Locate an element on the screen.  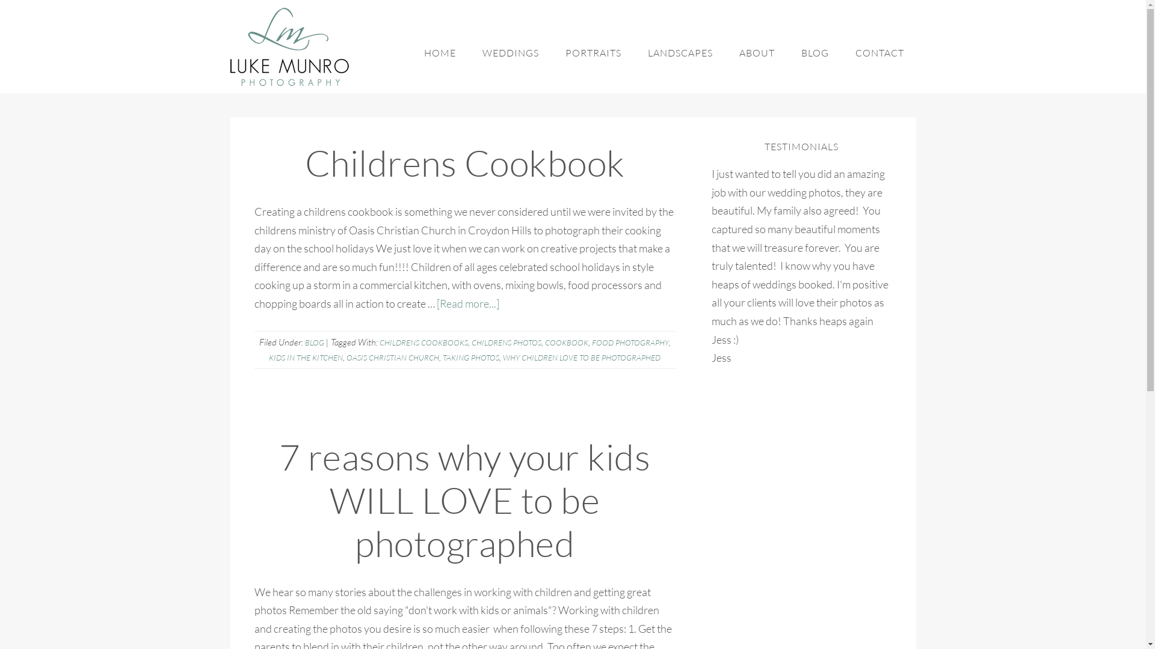
'7 reasons why your kids WILL LOVE to be photographed' is located at coordinates (464, 499).